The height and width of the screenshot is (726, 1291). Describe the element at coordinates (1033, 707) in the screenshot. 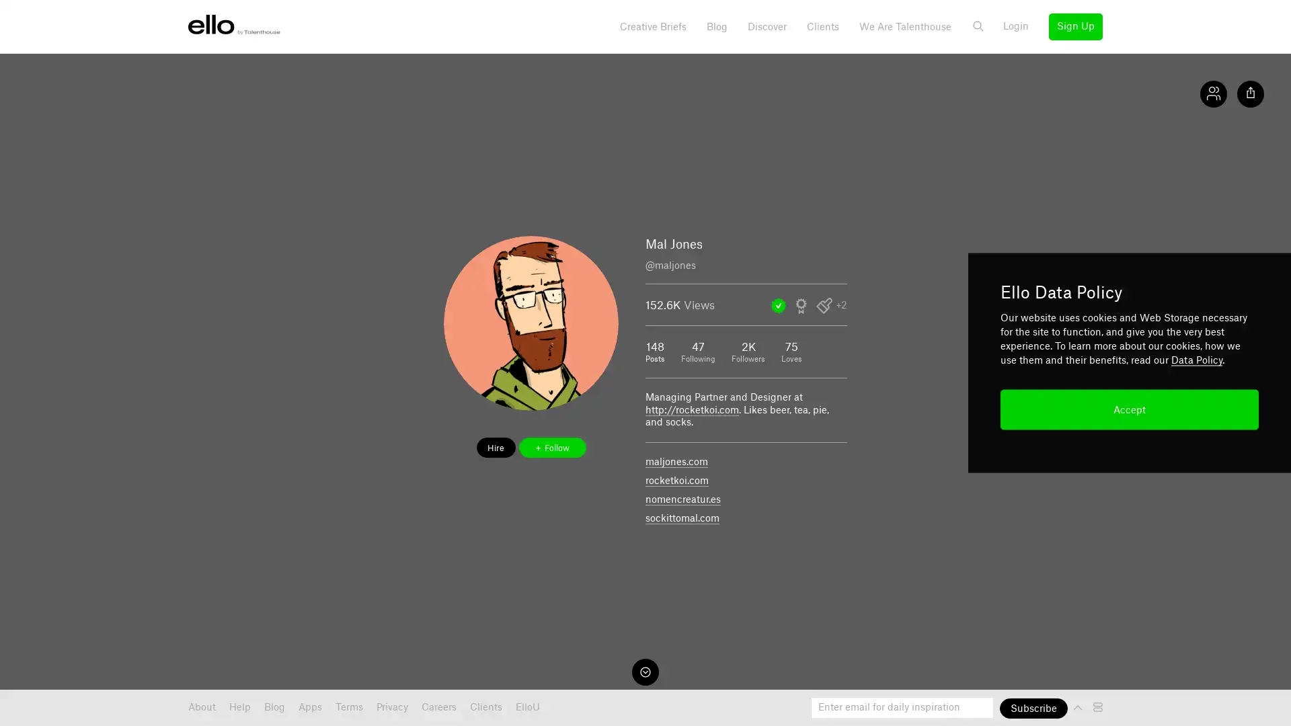

I see `Subscribe` at that location.